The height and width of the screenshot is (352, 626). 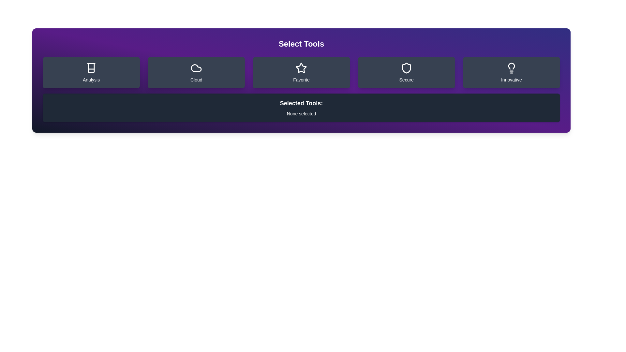 What do you see at coordinates (196, 68) in the screenshot?
I see `the 'Cloud' tool icon, which is the first element in the top row of the main interface` at bounding box center [196, 68].